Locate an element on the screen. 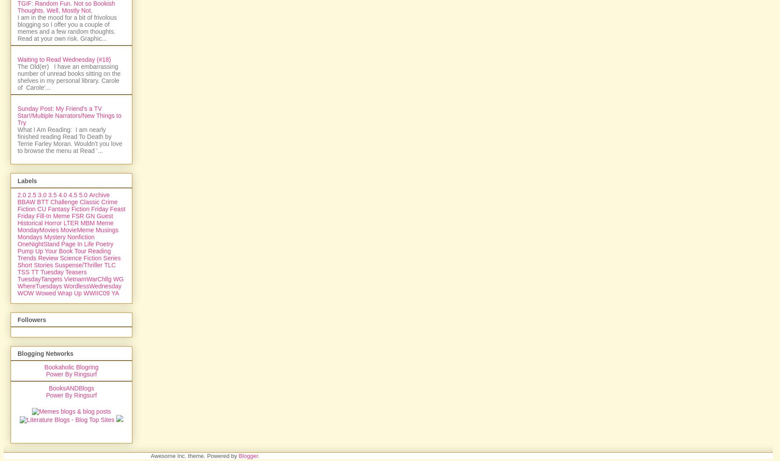 The height and width of the screenshot is (461, 780). 'TSS' is located at coordinates (23, 366).